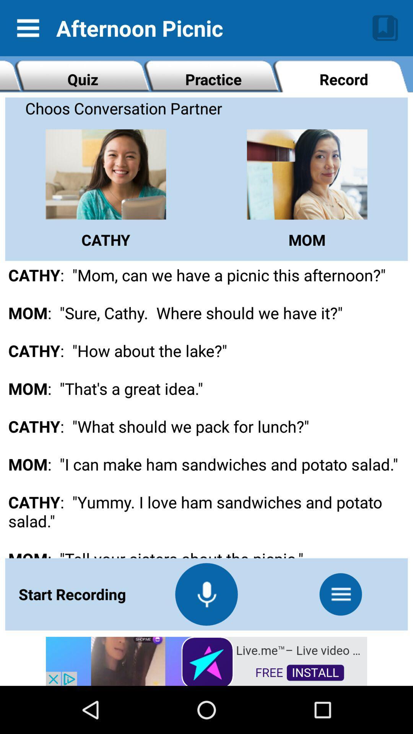 The image size is (413, 734). What do you see at coordinates (206, 594) in the screenshot?
I see `start recording` at bounding box center [206, 594].